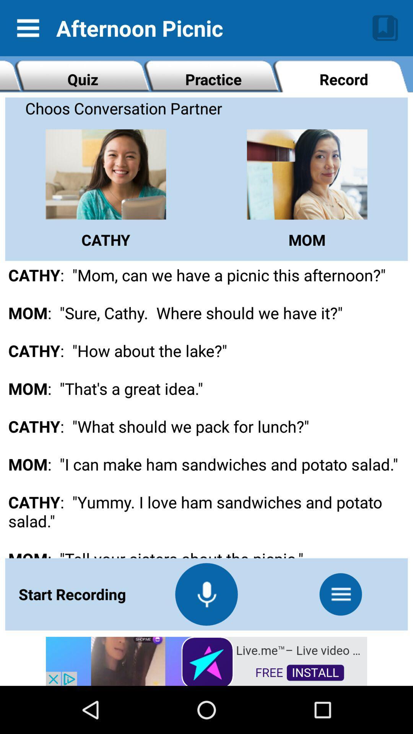 The image size is (413, 734). What do you see at coordinates (206, 594) in the screenshot?
I see `start recording` at bounding box center [206, 594].